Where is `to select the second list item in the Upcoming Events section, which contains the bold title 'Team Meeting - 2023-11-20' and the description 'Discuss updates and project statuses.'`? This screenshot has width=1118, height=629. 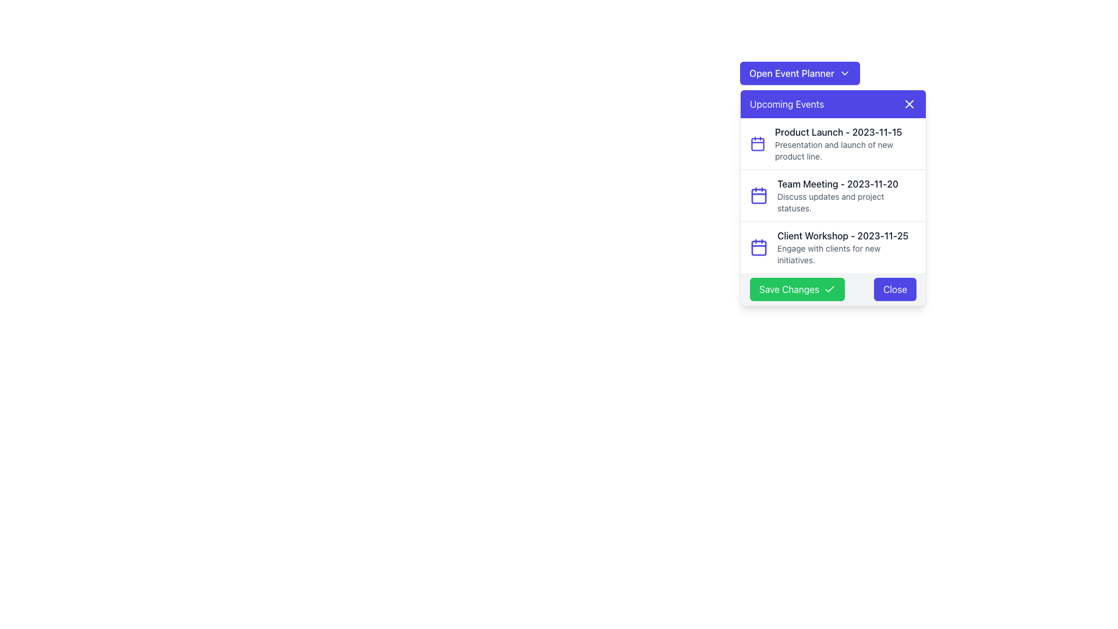
to select the second list item in the Upcoming Events section, which contains the bold title 'Team Meeting - 2023-11-20' and the description 'Discuss updates and project statuses.' is located at coordinates (832, 195).